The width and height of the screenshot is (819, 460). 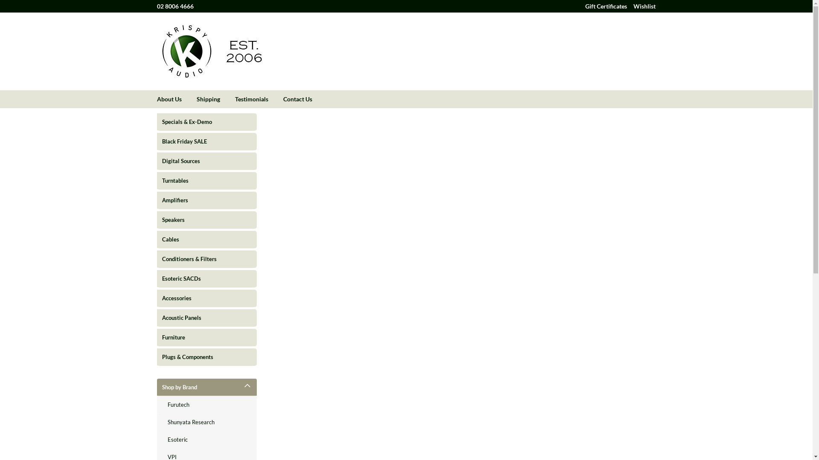 I want to click on 'Gift Certificates', so click(x=605, y=6).